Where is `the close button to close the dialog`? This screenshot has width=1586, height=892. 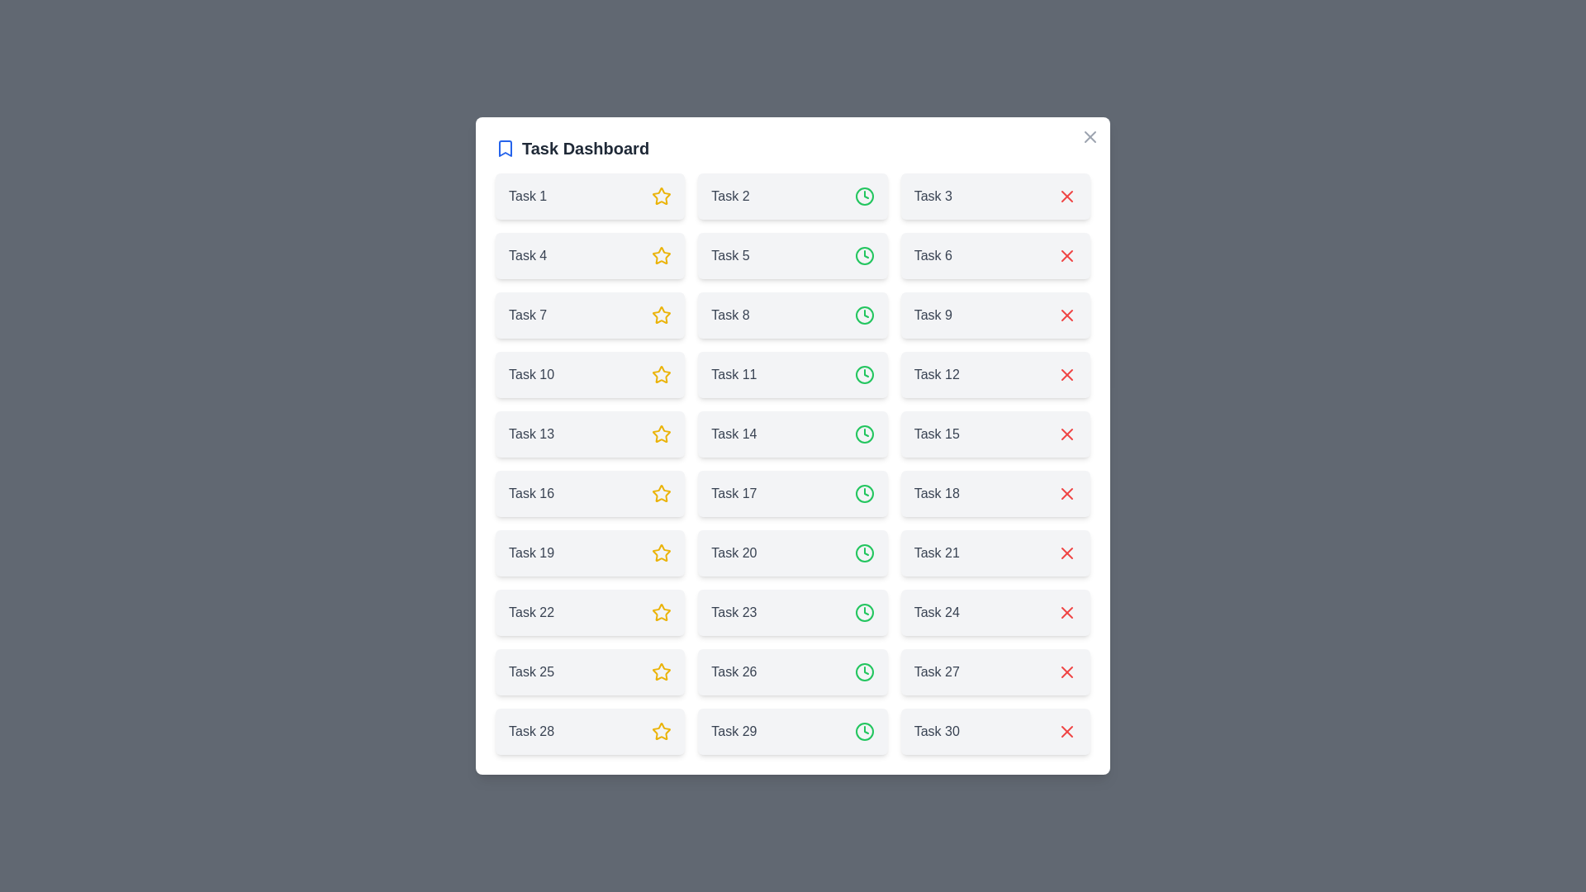 the close button to close the dialog is located at coordinates (1090, 135).